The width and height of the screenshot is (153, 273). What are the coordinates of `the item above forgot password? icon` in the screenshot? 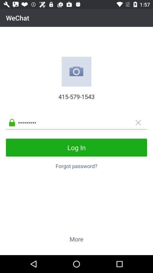 It's located at (76, 147).